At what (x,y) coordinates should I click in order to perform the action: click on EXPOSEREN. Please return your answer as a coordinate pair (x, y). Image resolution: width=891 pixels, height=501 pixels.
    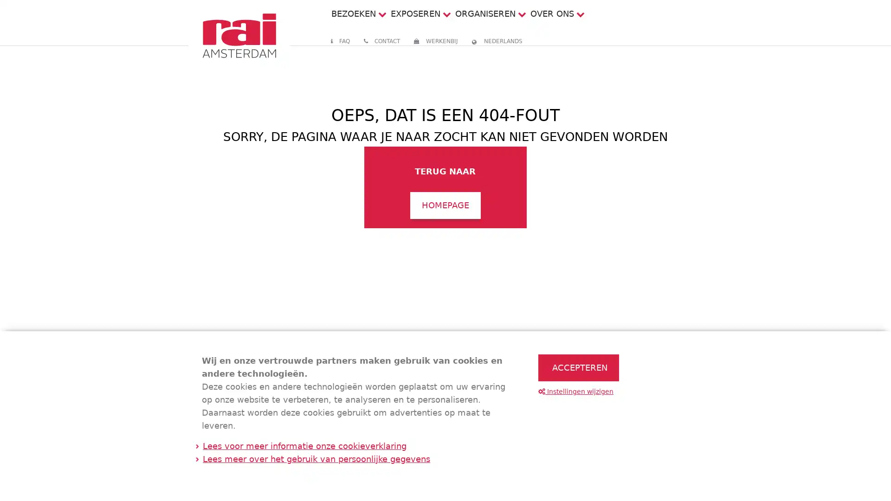
    Looking at the image, I should click on (414, 13).